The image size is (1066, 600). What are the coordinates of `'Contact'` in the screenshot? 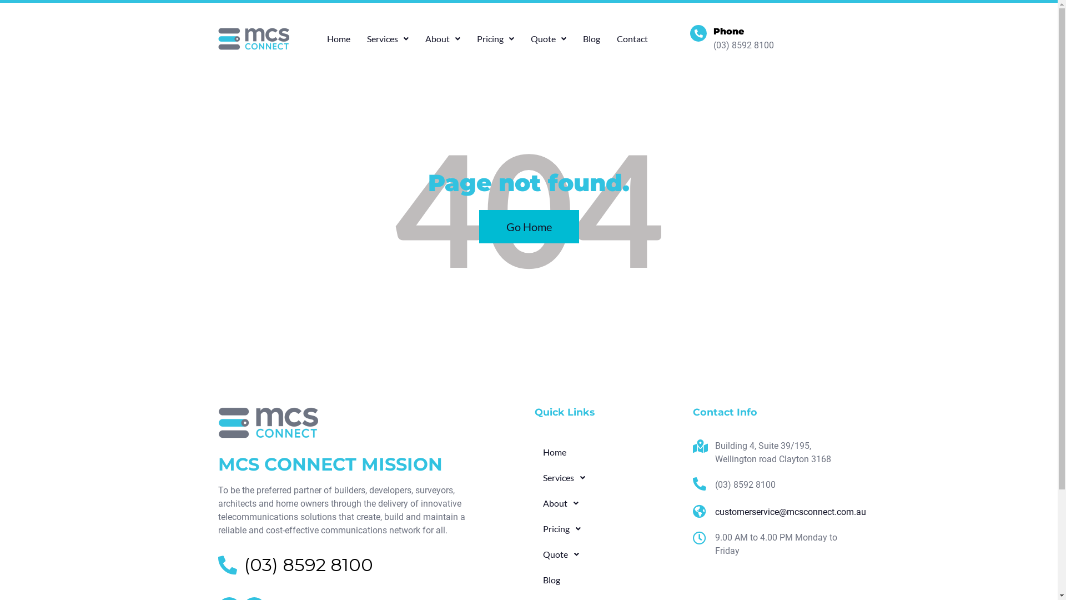 It's located at (632, 38).